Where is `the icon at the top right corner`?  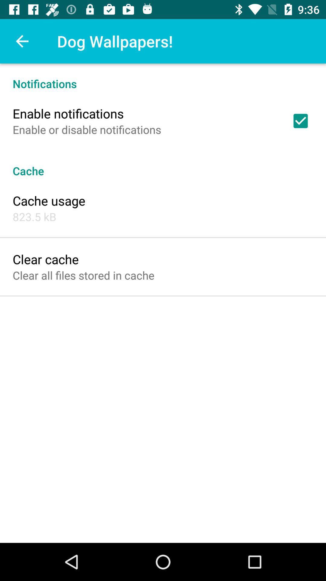 the icon at the top right corner is located at coordinates (300, 121).